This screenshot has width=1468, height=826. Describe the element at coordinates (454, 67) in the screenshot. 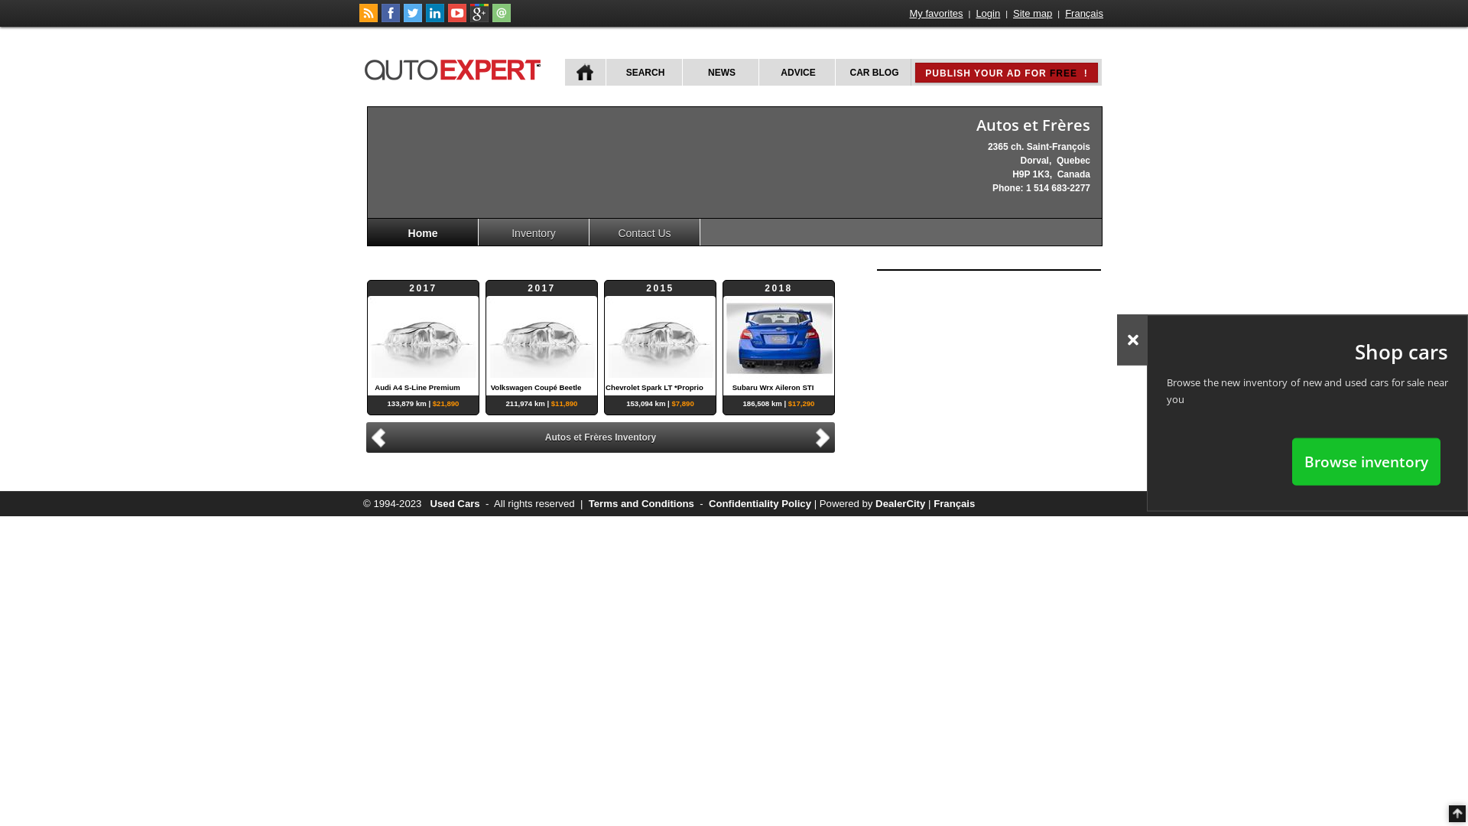

I see `'autoExpert.ca'` at that location.